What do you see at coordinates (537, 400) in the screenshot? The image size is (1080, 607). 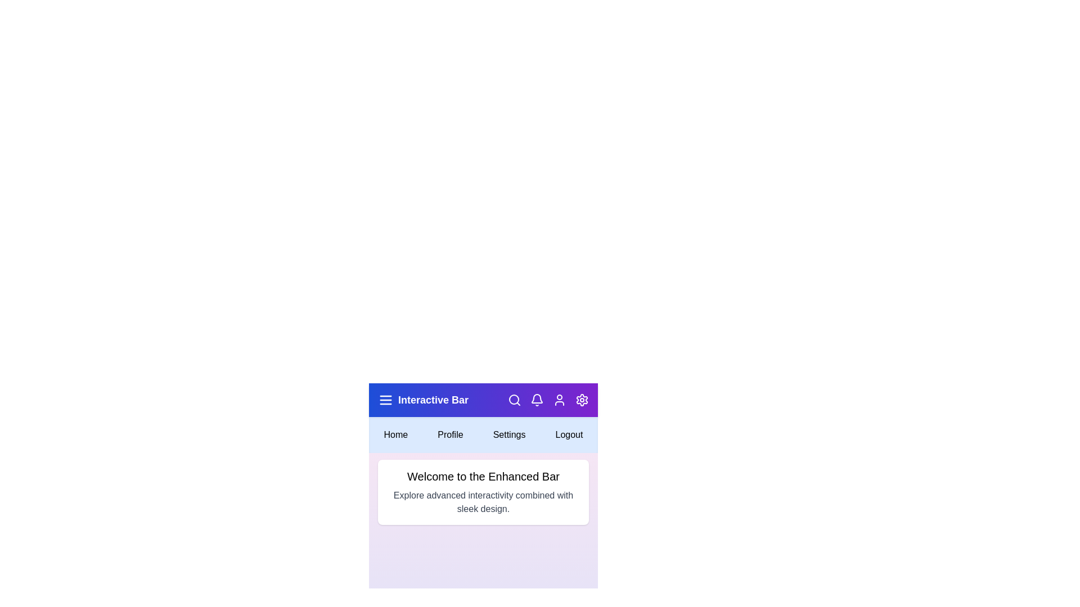 I see `the notification icon (Bell)` at bounding box center [537, 400].